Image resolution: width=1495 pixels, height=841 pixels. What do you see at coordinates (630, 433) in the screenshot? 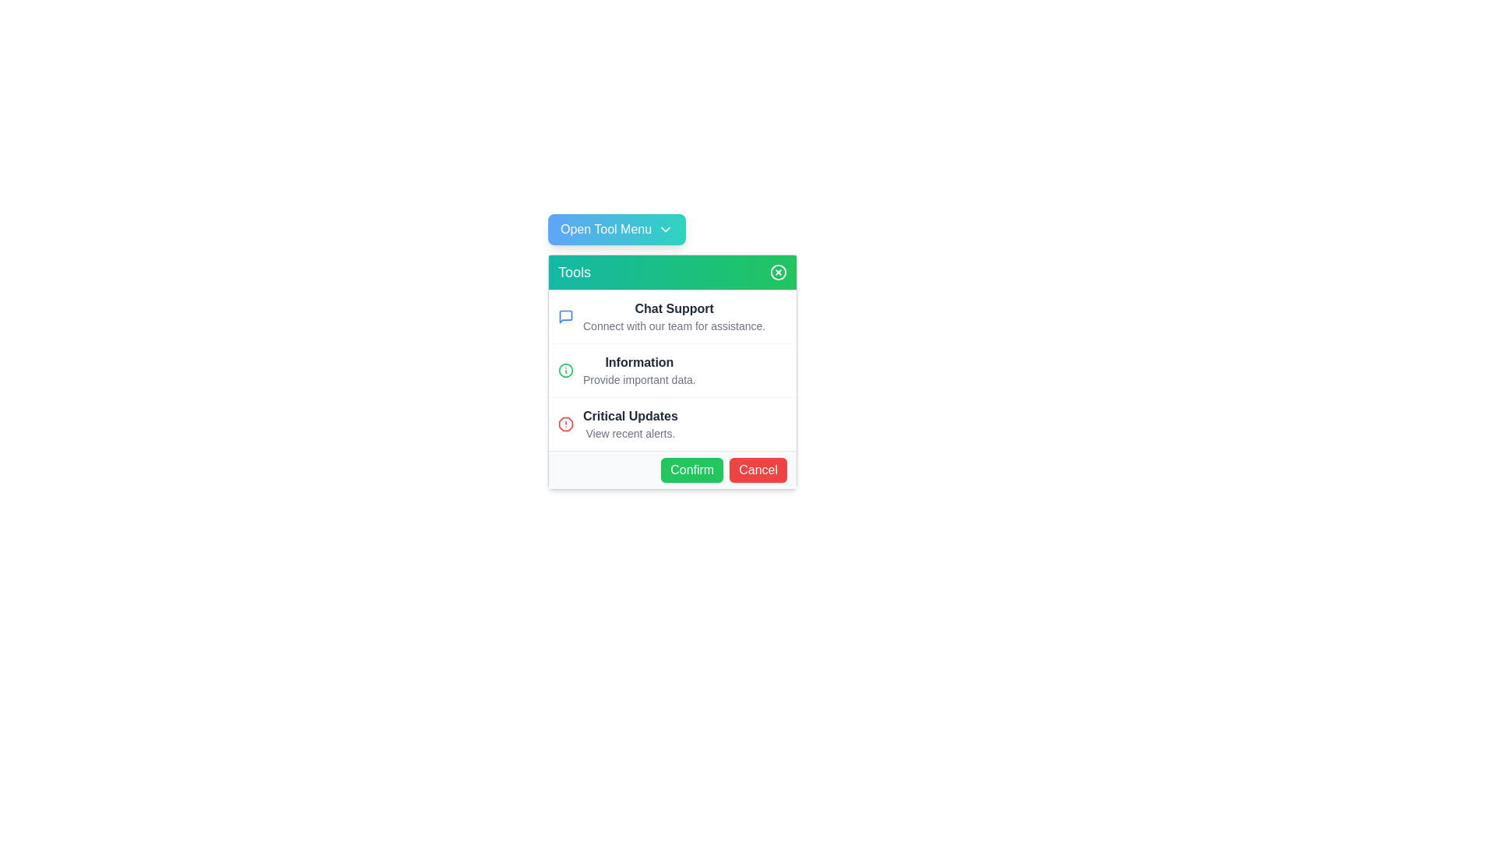
I see `the small text label that says 'View recent alerts.' located beneath the 'Critical Updates' label within the 'Tools' dropdown section` at bounding box center [630, 433].